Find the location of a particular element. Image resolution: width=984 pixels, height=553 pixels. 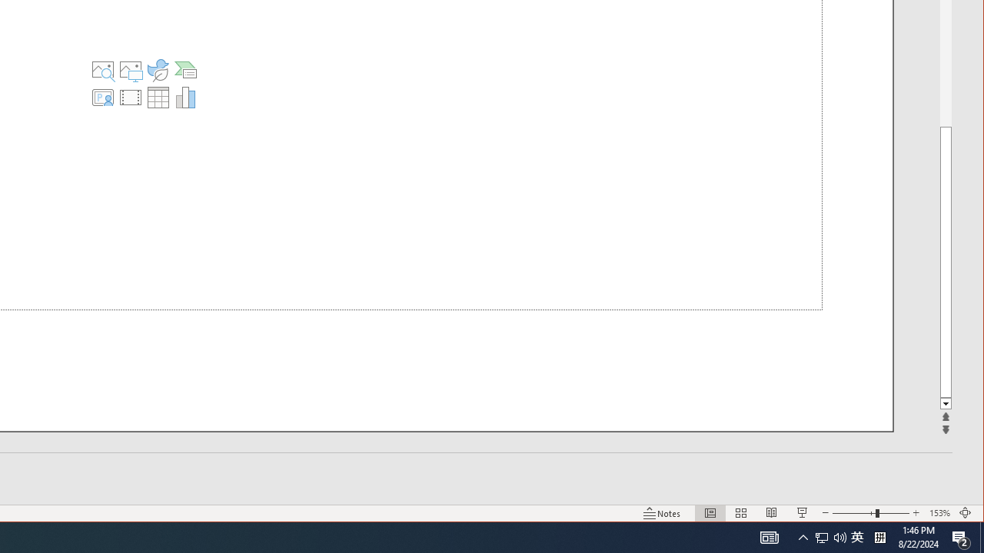

'AutomationID: 4105' is located at coordinates (769, 536).